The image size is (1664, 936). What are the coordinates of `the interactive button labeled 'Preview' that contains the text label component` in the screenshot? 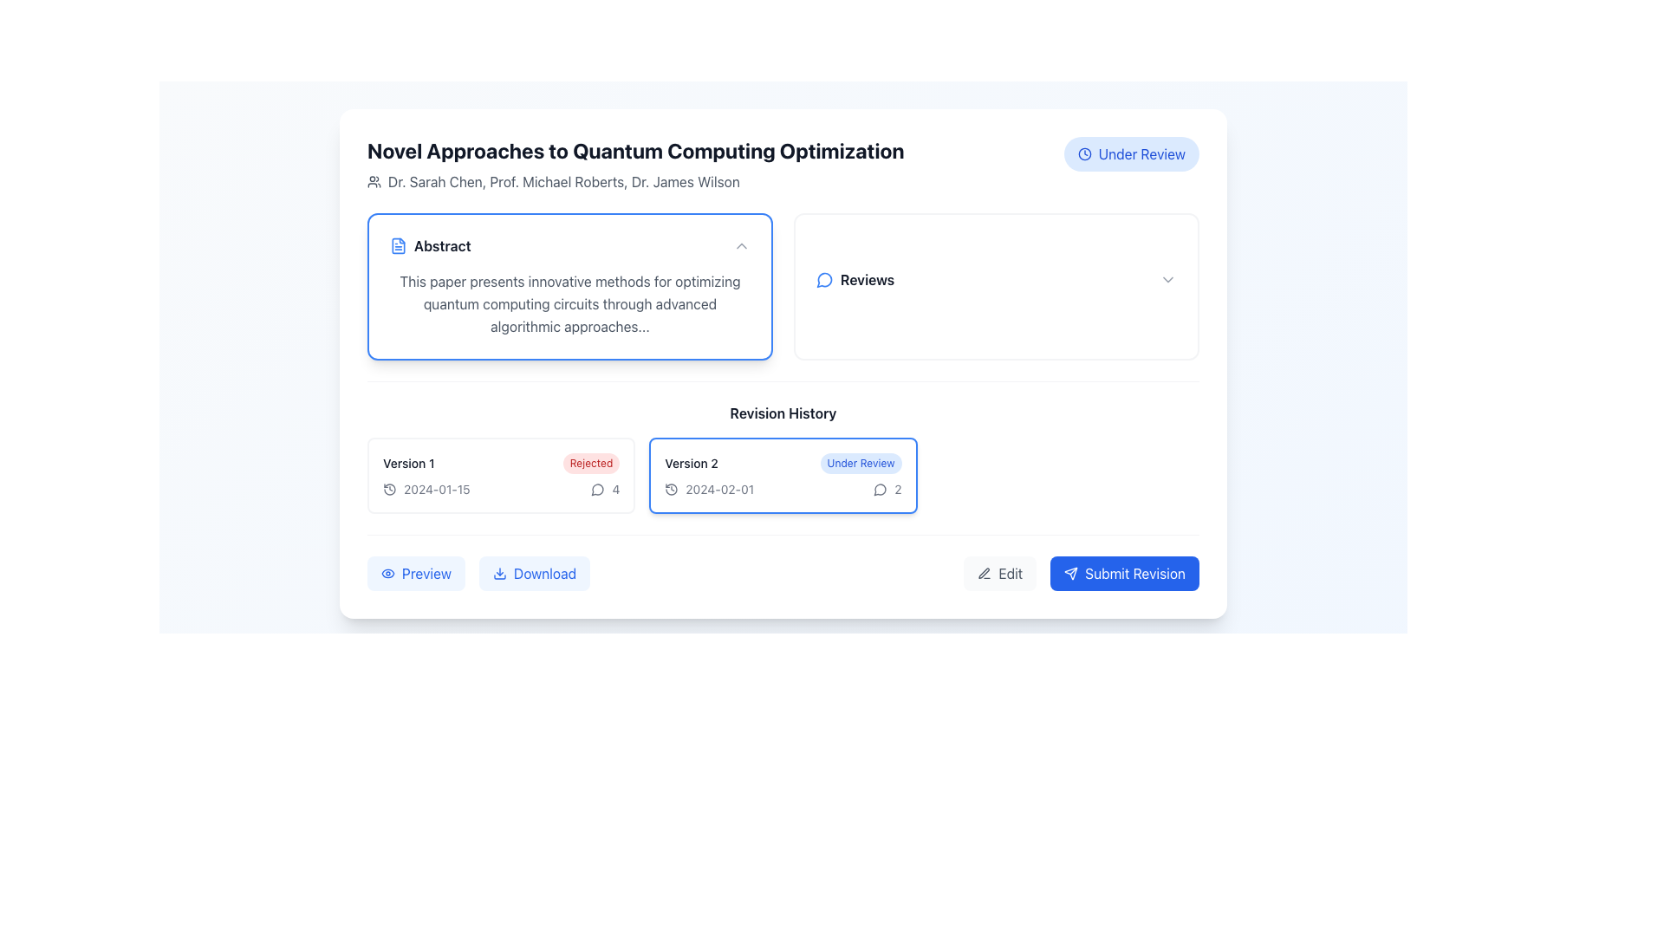 It's located at (426, 574).